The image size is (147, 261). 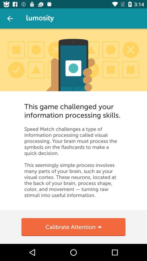 I want to click on exit out, so click(x=10, y=18).